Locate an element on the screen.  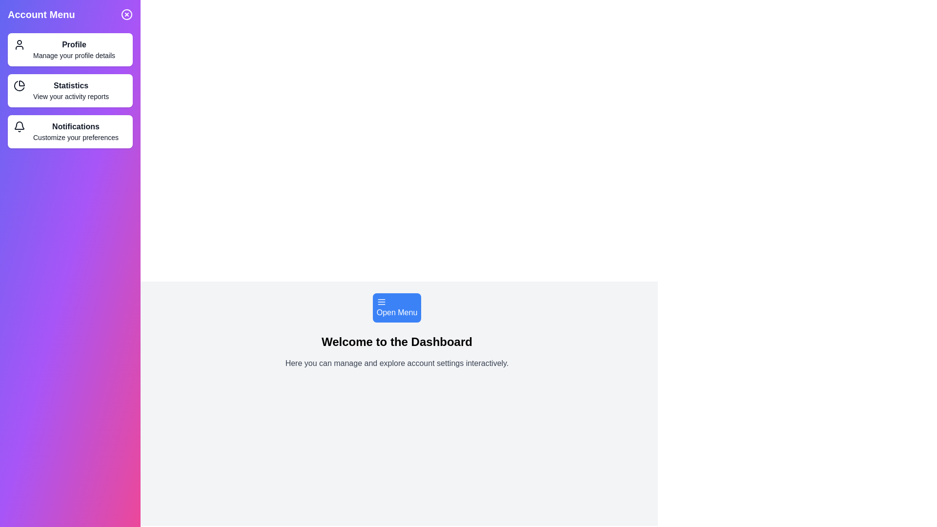
the 'Statistics' menu item to select and explore it is located at coordinates (70, 90).